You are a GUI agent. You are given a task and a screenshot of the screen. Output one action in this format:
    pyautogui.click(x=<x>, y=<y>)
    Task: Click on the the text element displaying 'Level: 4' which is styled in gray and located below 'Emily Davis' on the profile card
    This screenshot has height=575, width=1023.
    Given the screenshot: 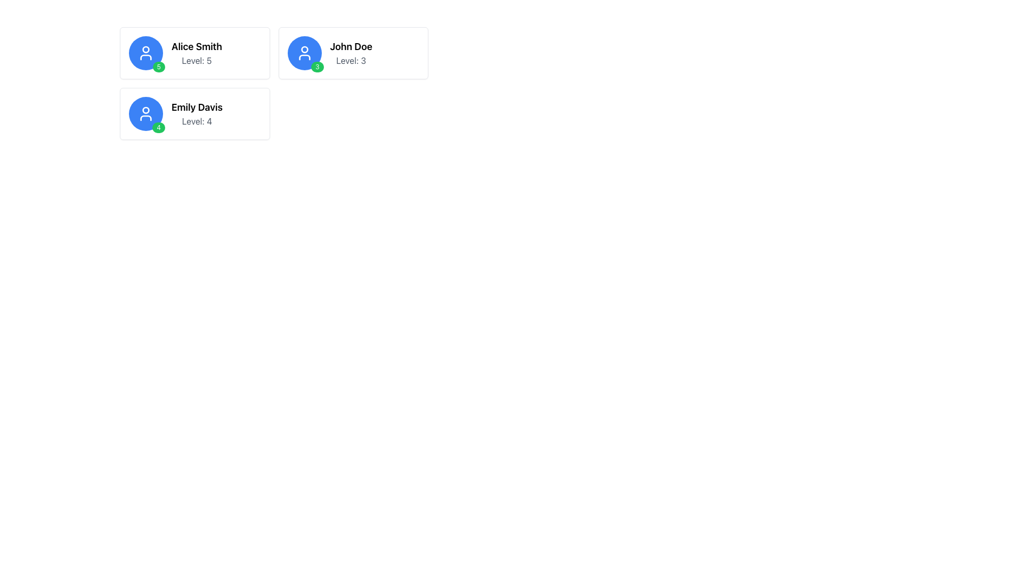 What is the action you would take?
    pyautogui.click(x=197, y=120)
    